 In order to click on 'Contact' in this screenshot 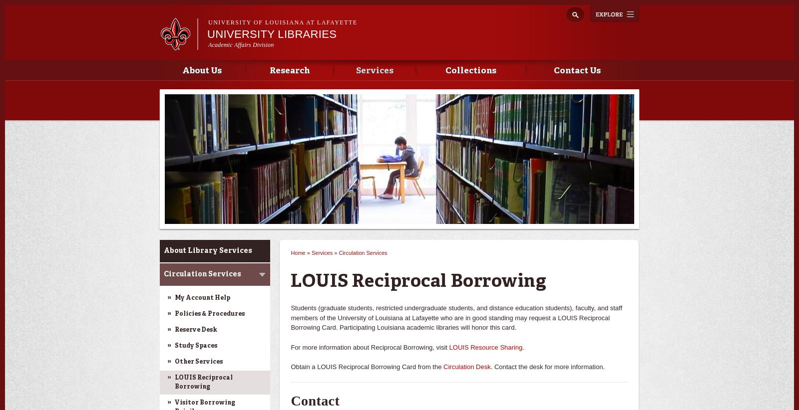, I will do `click(315, 400)`.